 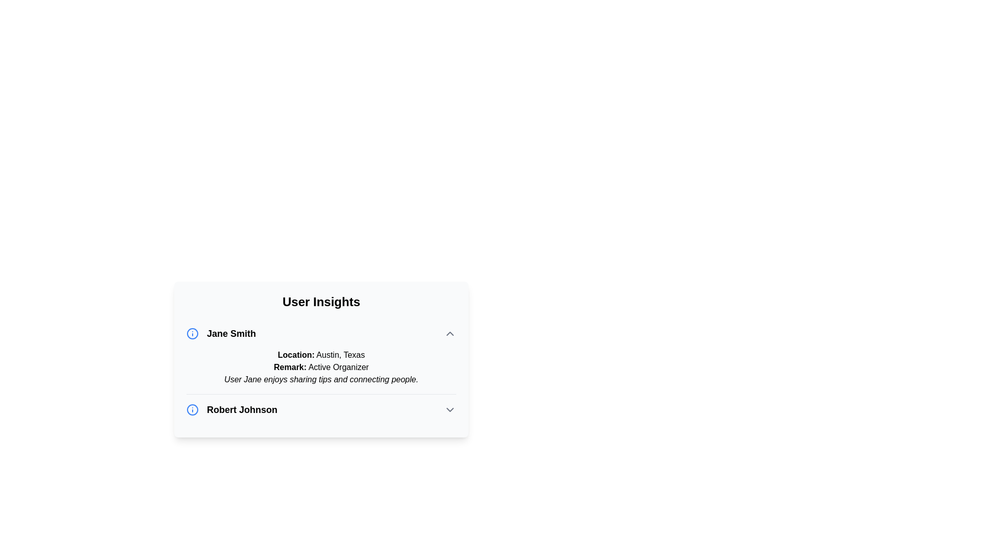 What do you see at coordinates (295, 354) in the screenshot?
I see `the text label reading 'Location:' which is styled in a bold black font and positioned within the user details card under the name 'Jane Smith'` at bounding box center [295, 354].